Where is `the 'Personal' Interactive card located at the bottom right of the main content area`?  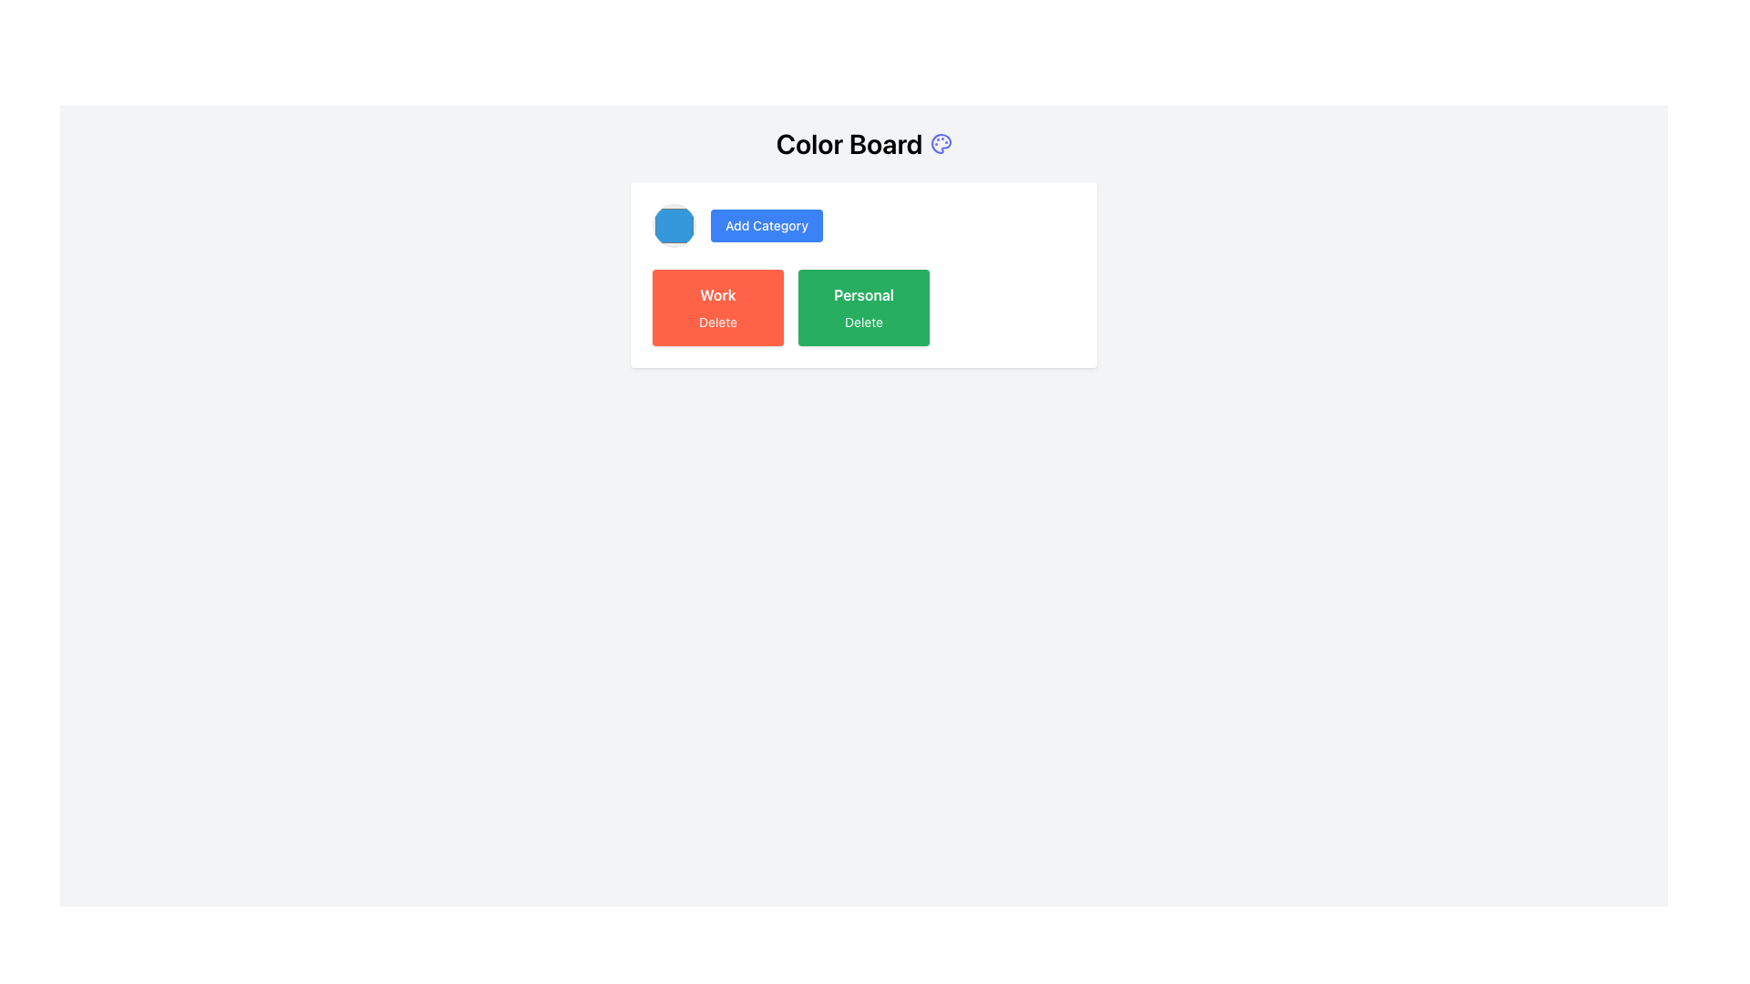
the 'Personal' Interactive card located at the bottom right of the main content area is located at coordinates (863, 274).